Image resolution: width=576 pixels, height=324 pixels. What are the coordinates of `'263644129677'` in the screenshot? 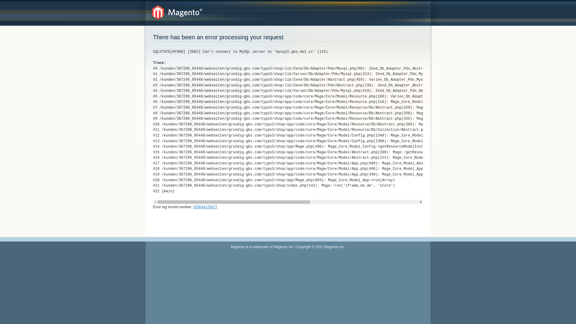 It's located at (205, 207).